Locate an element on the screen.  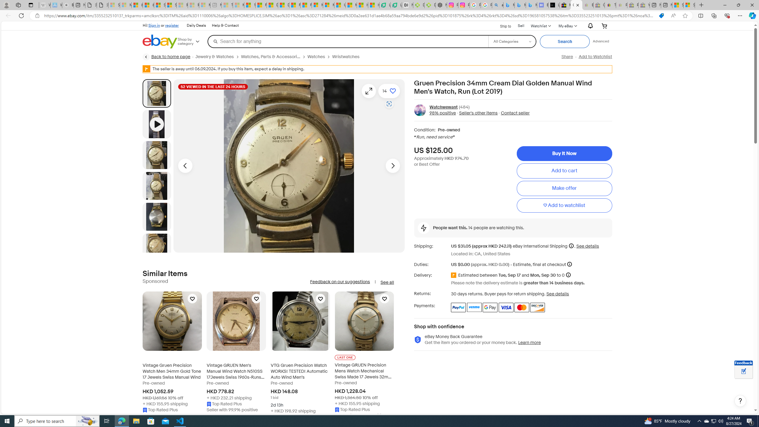
'Add to watchlist' is located at coordinates (564, 205).